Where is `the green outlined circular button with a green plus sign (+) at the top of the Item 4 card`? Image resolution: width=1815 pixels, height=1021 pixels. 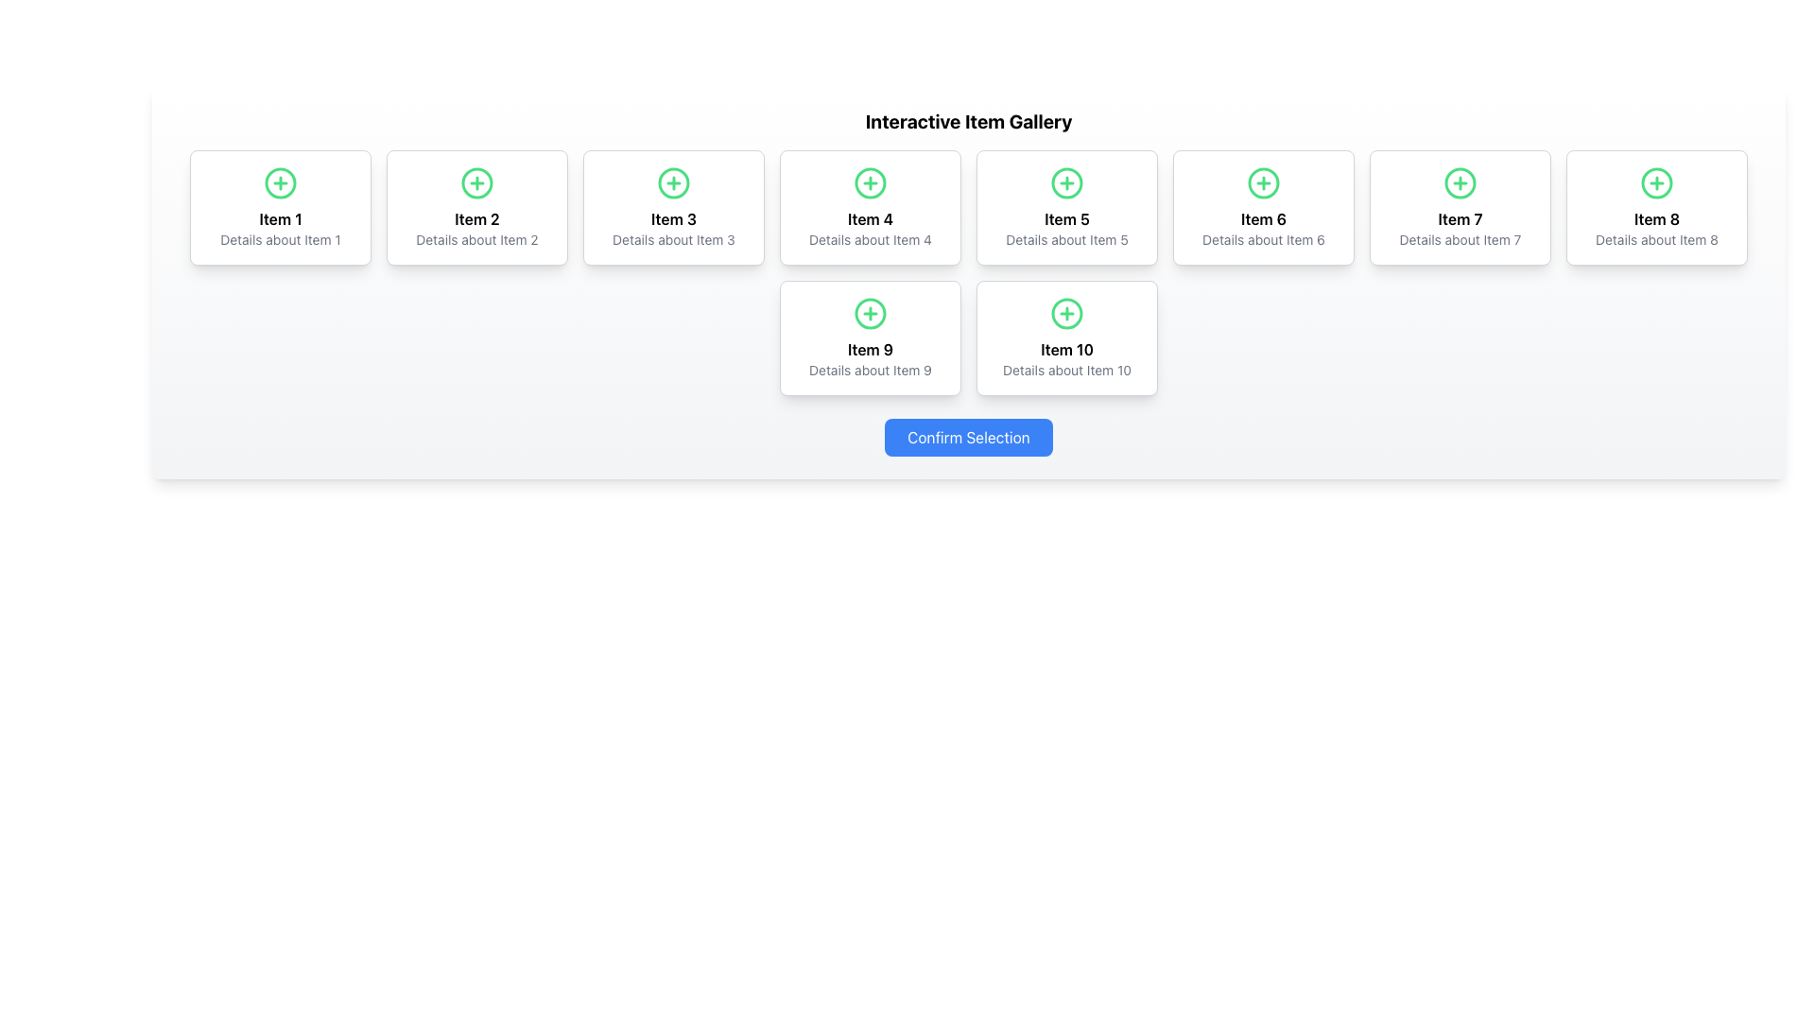 the green outlined circular button with a green plus sign (+) at the top of the Item 4 card is located at coordinates (870, 182).